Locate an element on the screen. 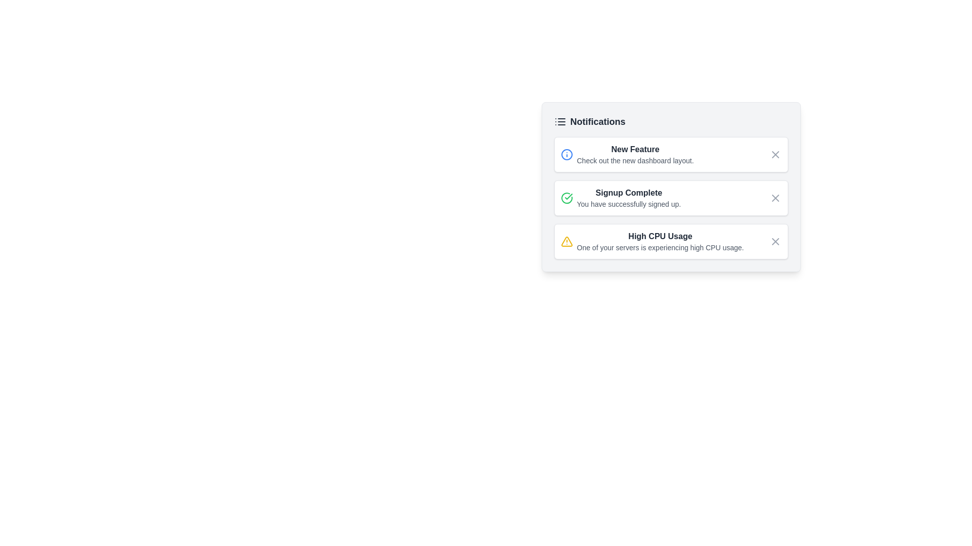 This screenshot has width=972, height=546. text content of the Notification Item that displays a success message with 'Signup Complete' and 'You have successfully signed up.' is located at coordinates (620, 198).